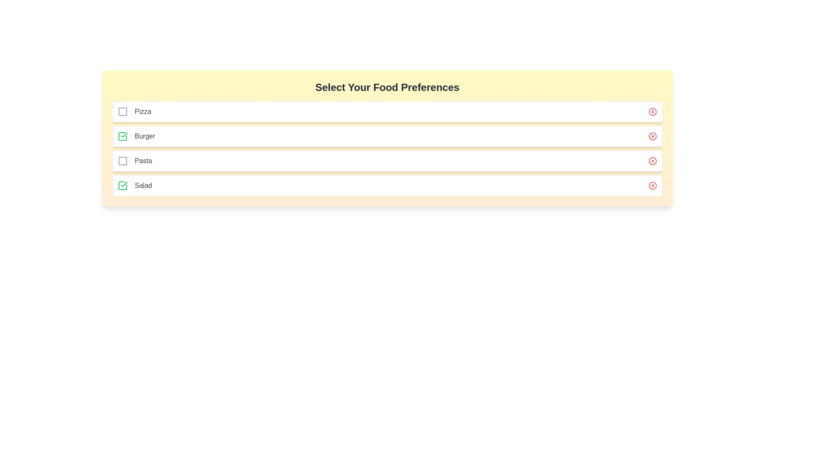 This screenshot has height=459, width=816. Describe the element at coordinates (143, 185) in the screenshot. I see `the text label reading 'Salad', which is styled in medium gray font and located next to a green checkmark icon under 'Select Your Food Preferences'` at that location.